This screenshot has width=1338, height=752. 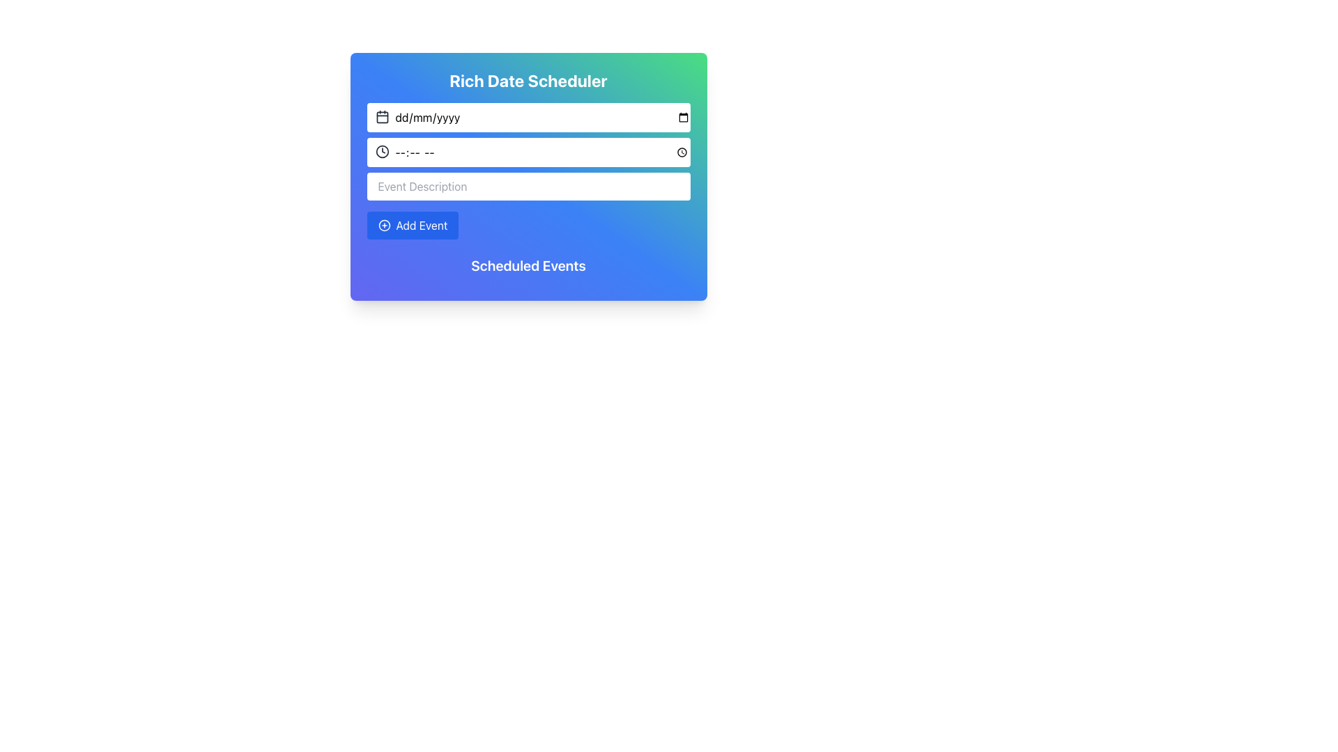 What do you see at coordinates (384, 225) in the screenshot?
I see `the decorative SVG circle that forms the base of the plus-circle icon within the 'Add Event' button` at bounding box center [384, 225].